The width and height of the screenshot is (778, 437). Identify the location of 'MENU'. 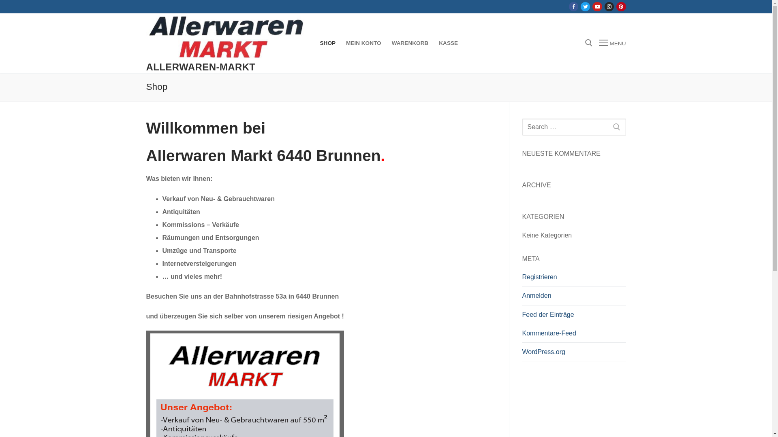
(599, 43).